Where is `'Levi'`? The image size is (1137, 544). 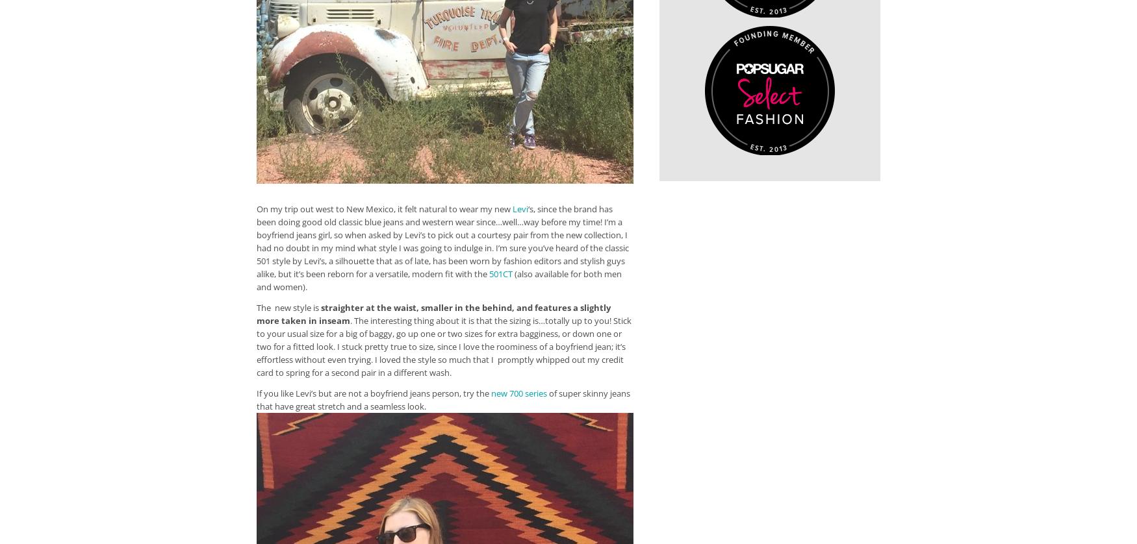
'Levi' is located at coordinates (519, 208).